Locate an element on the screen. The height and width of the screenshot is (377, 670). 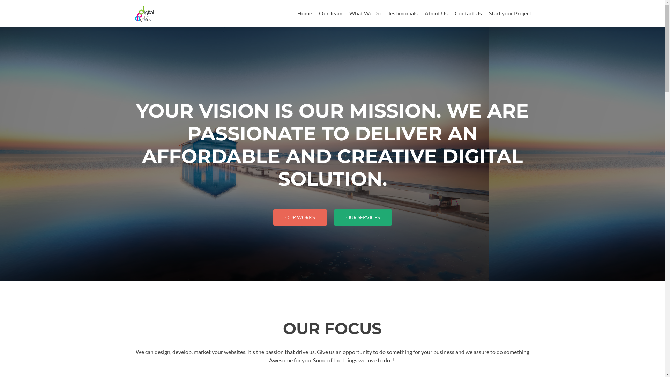
'Testimonials' is located at coordinates (387, 13).